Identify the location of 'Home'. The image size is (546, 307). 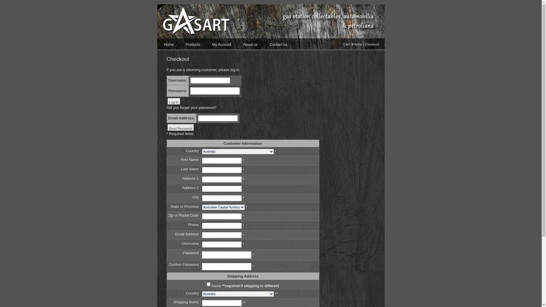
(169, 44).